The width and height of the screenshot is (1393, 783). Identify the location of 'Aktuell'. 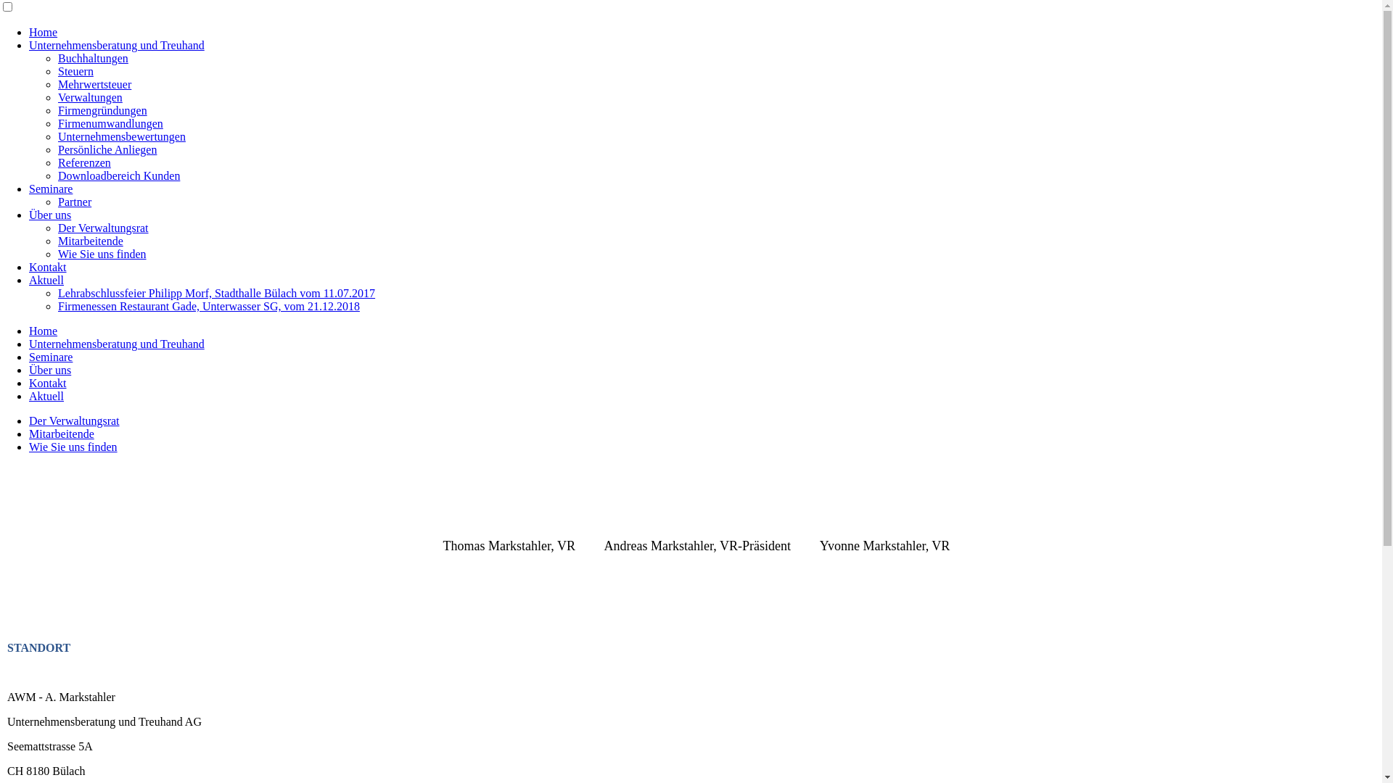
(46, 396).